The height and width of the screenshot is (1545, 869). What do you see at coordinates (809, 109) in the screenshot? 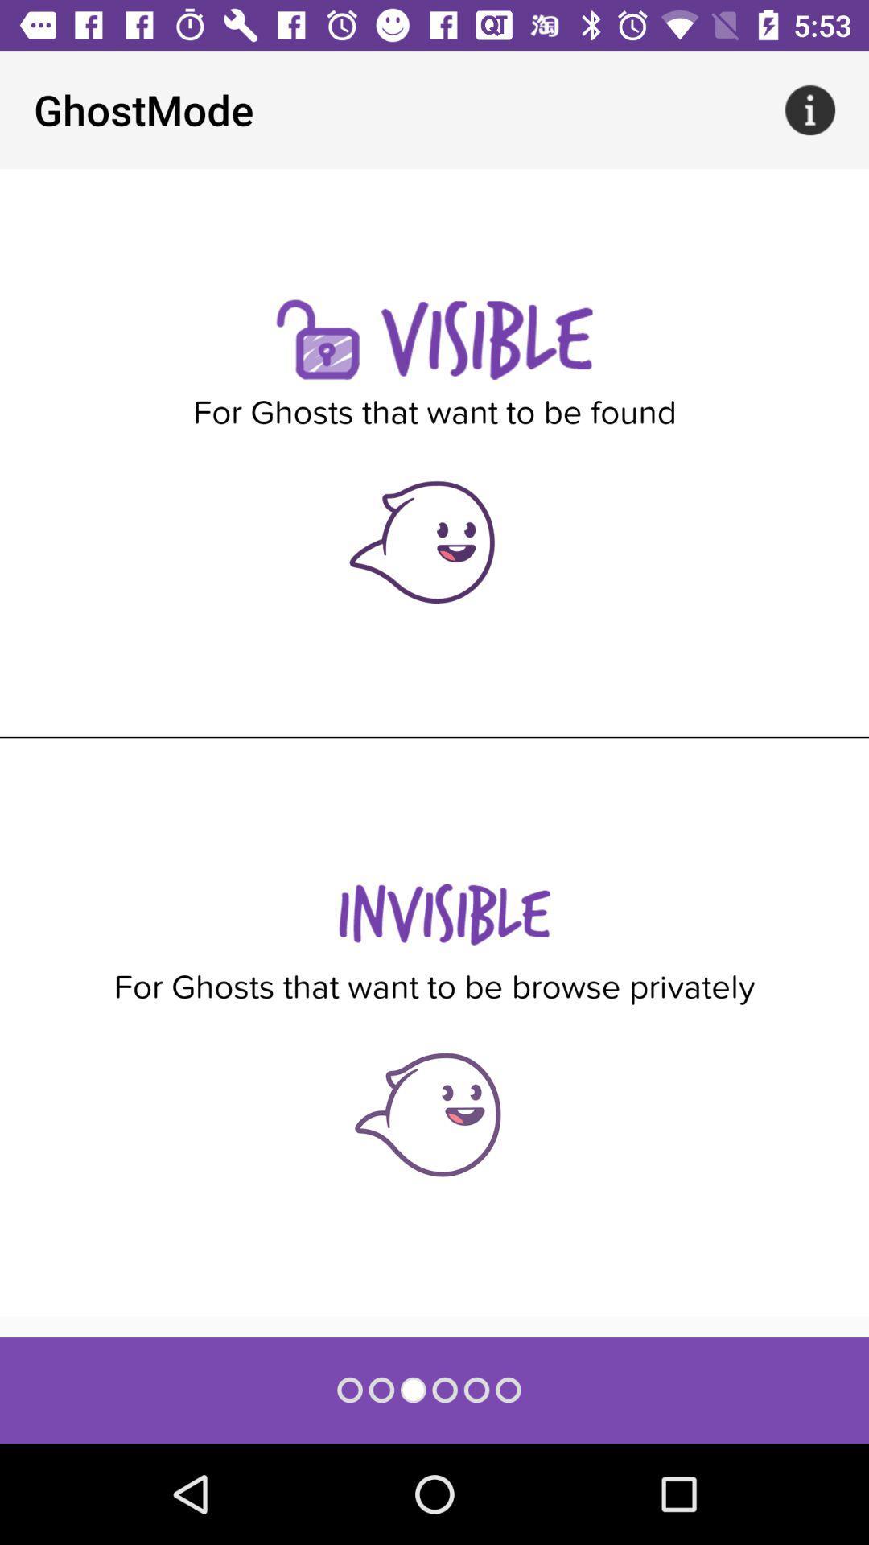
I see `item above the for ghosts that icon` at bounding box center [809, 109].